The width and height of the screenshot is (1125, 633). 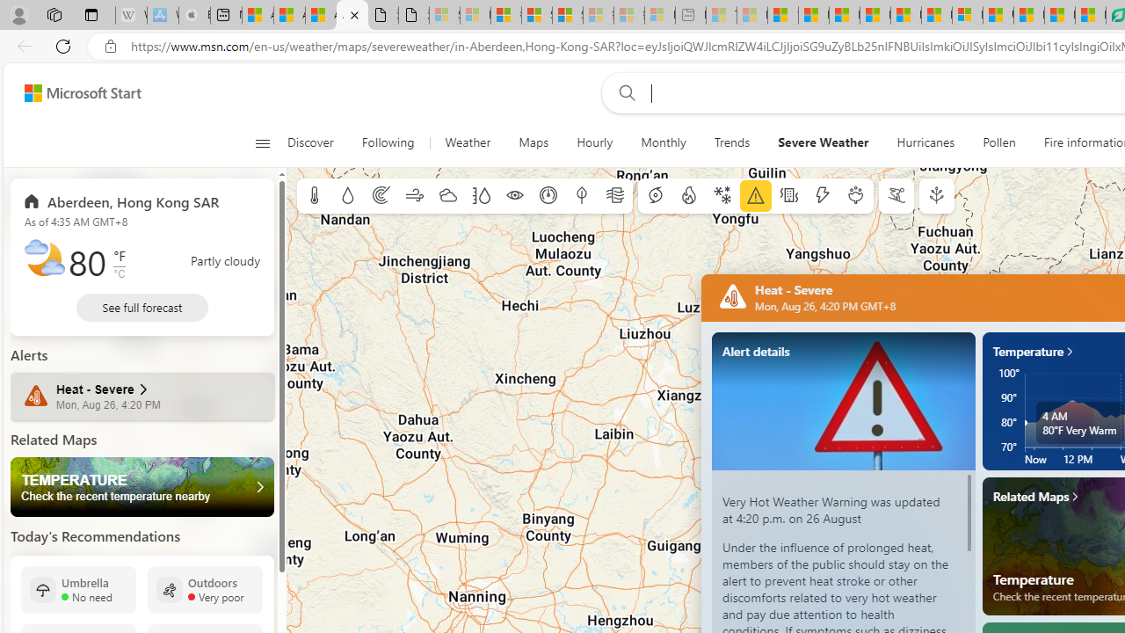 What do you see at coordinates (615, 196) in the screenshot?
I see `'Air quality'` at bounding box center [615, 196].